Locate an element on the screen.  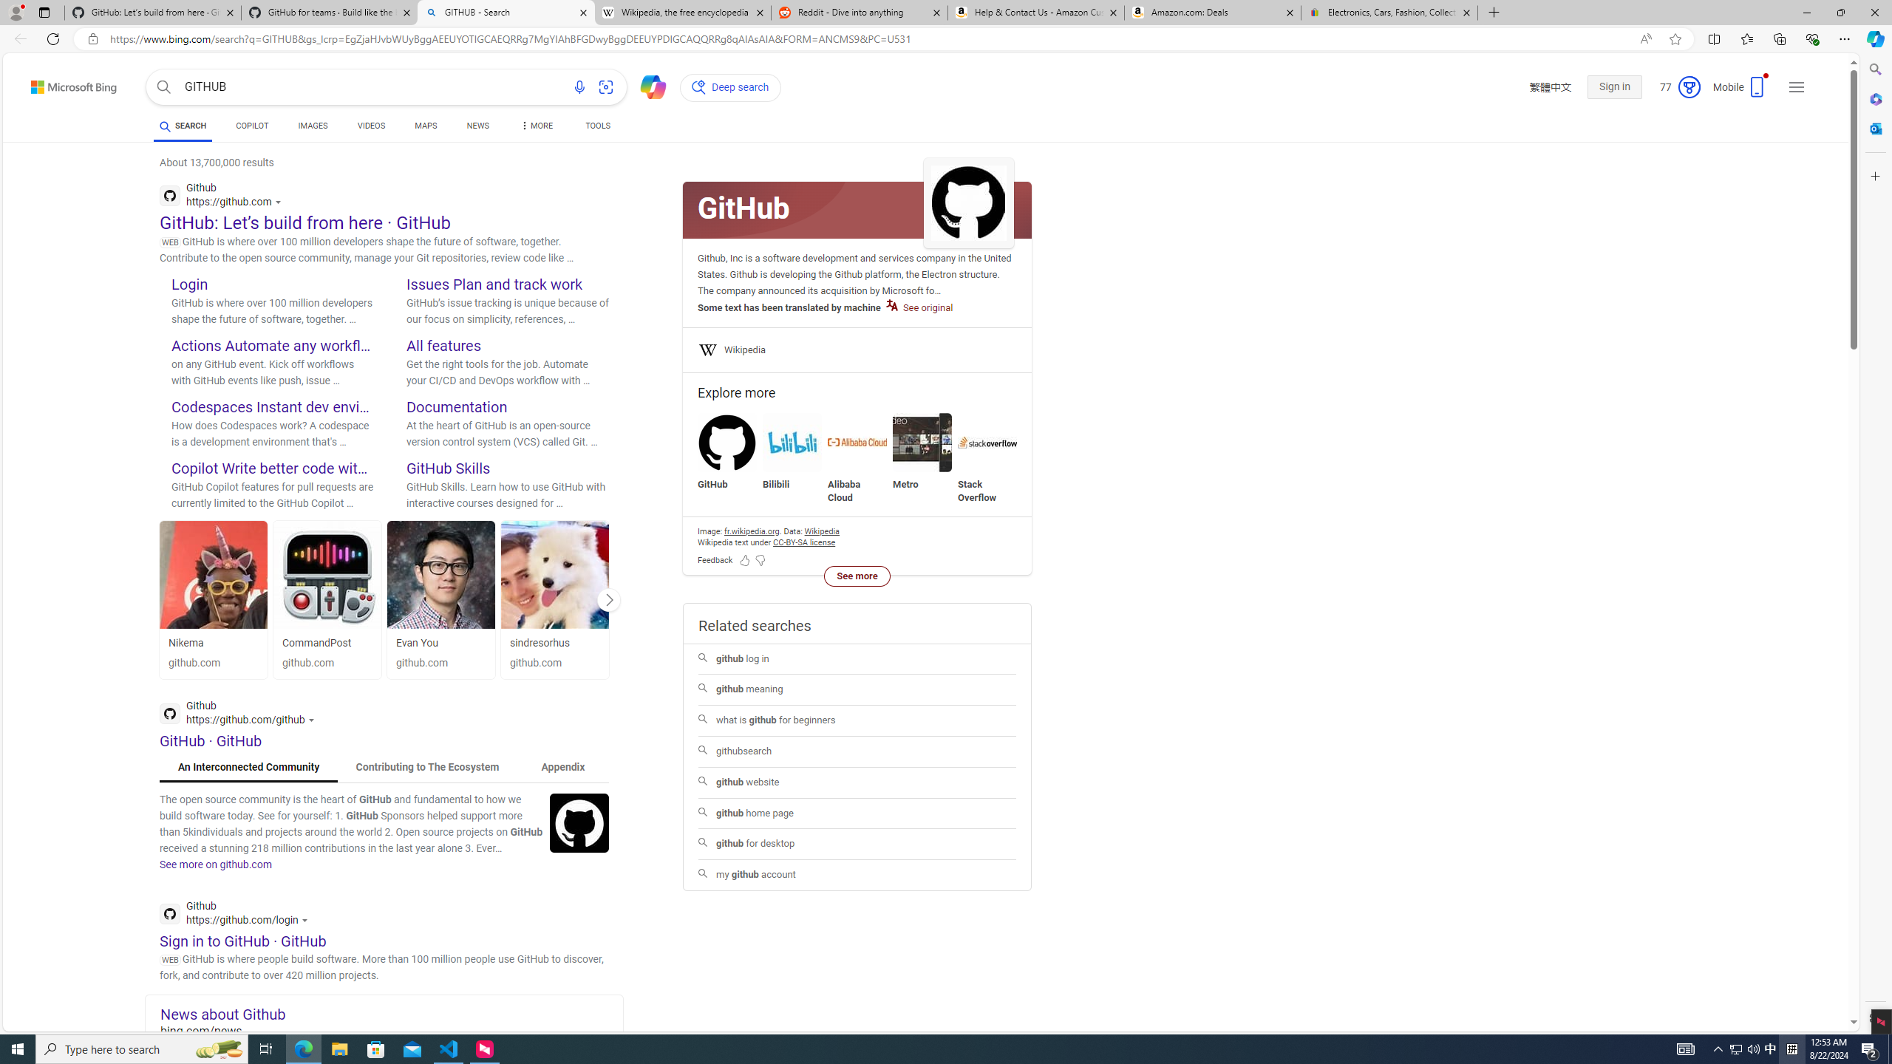
'All features' is located at coordinates (443, 345).